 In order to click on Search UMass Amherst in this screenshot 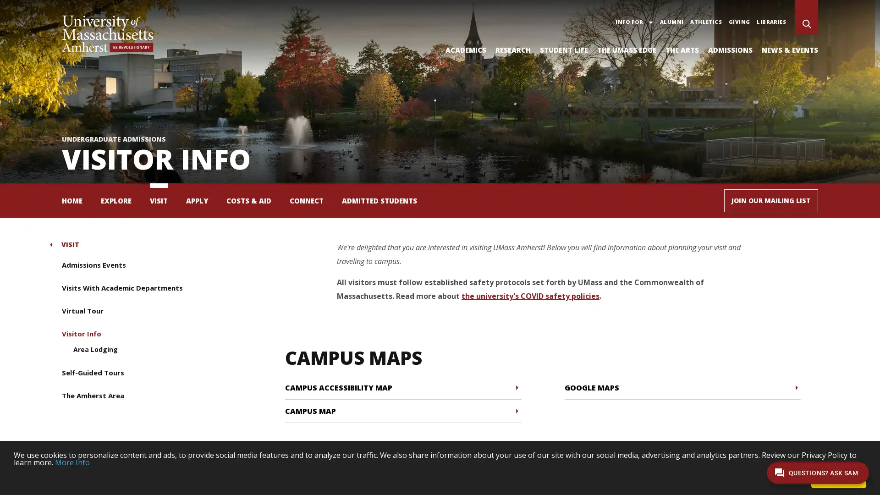, I will do `click(807, 24)`.